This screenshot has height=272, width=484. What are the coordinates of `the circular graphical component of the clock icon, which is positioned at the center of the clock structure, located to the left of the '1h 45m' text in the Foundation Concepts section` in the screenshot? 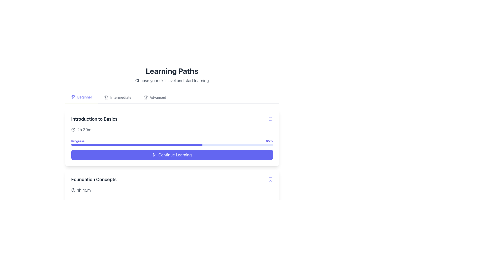 It's located at (73, 190).